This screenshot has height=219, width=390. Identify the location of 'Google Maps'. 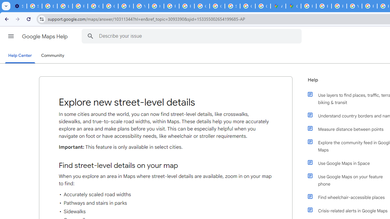
(293, 6).